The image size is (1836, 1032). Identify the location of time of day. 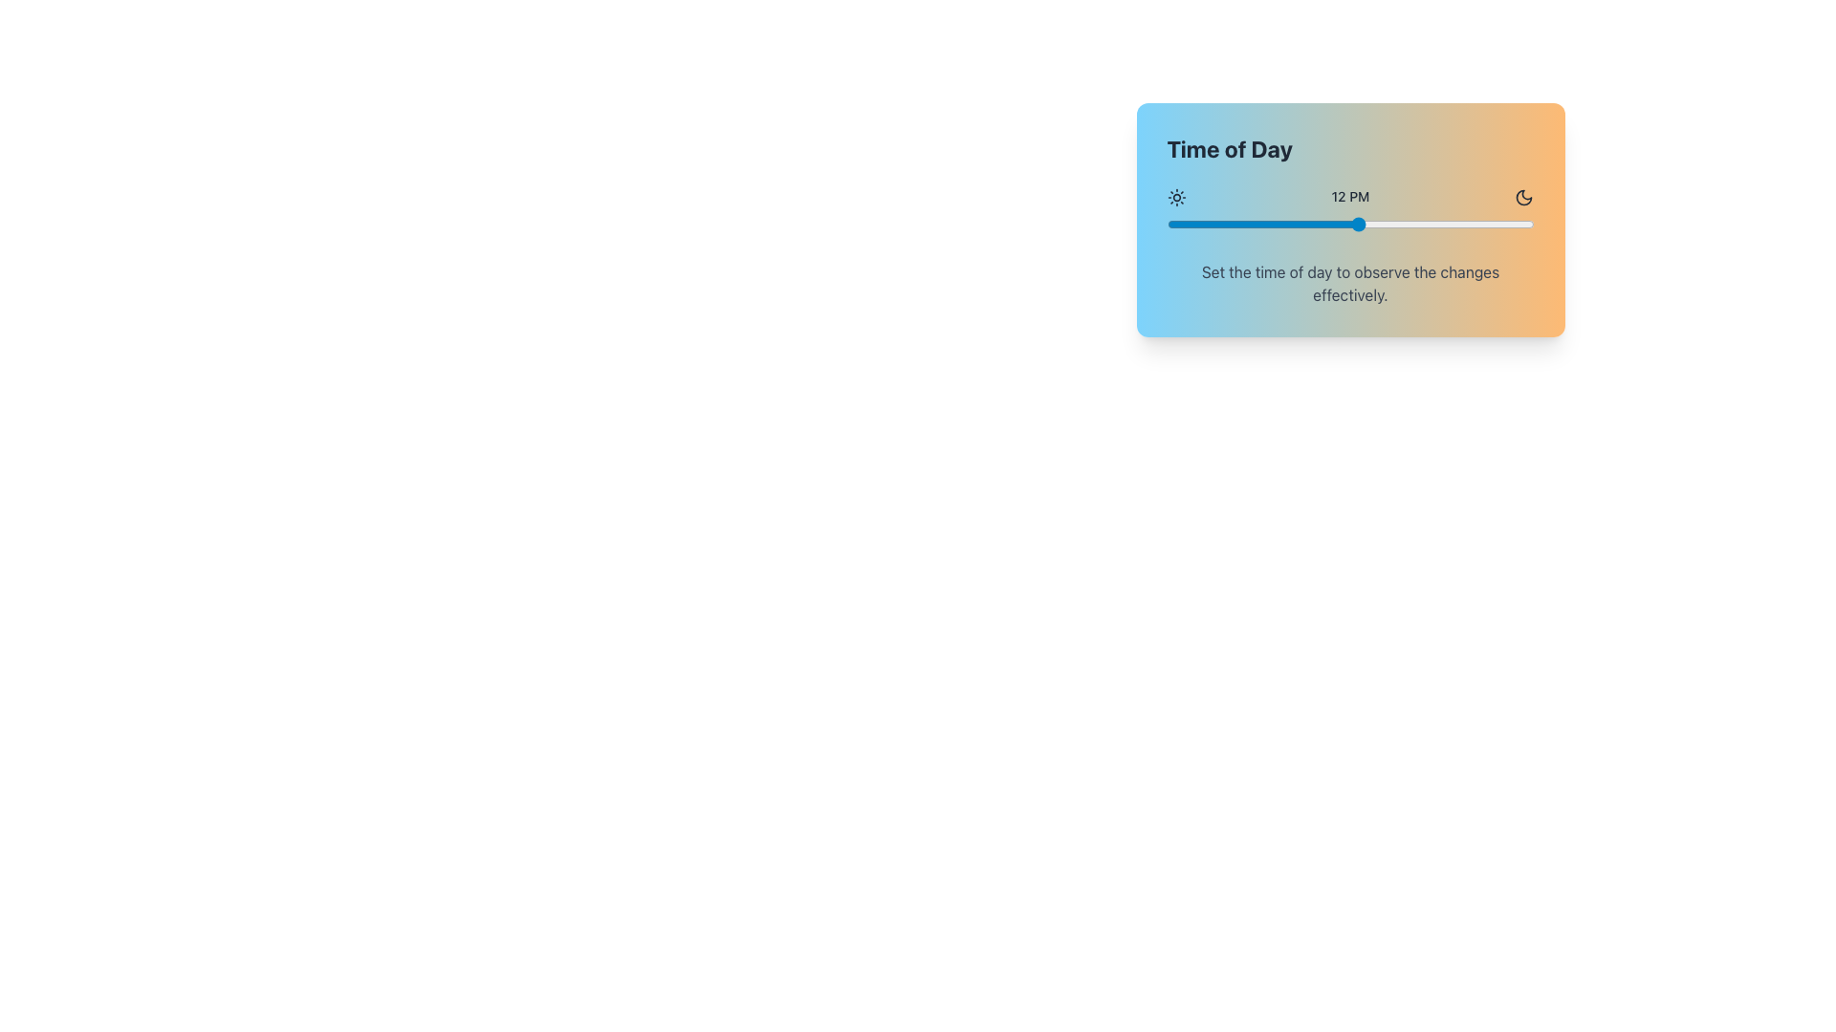
(1406, 224).